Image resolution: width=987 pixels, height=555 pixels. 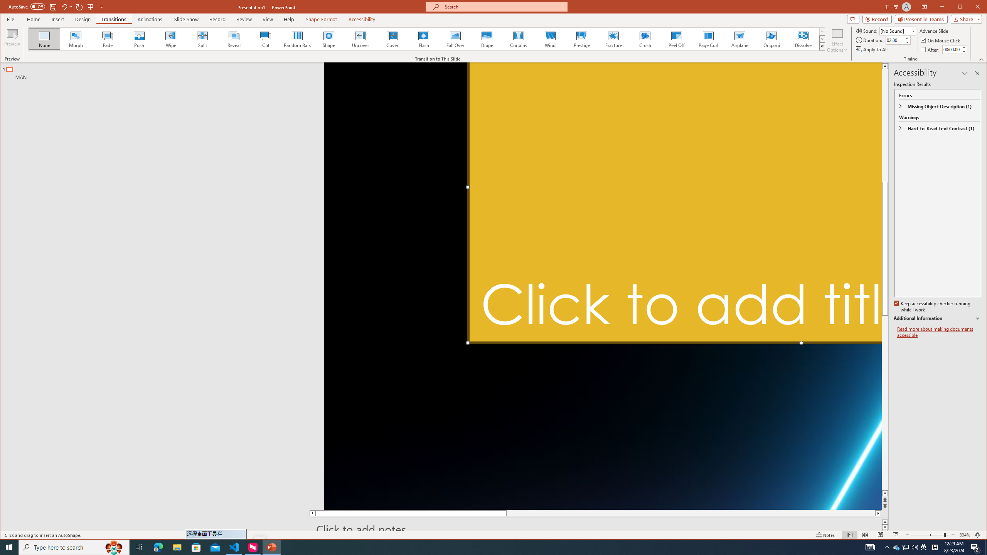 I want to click on 'Fade', so click(x=107, y=39).